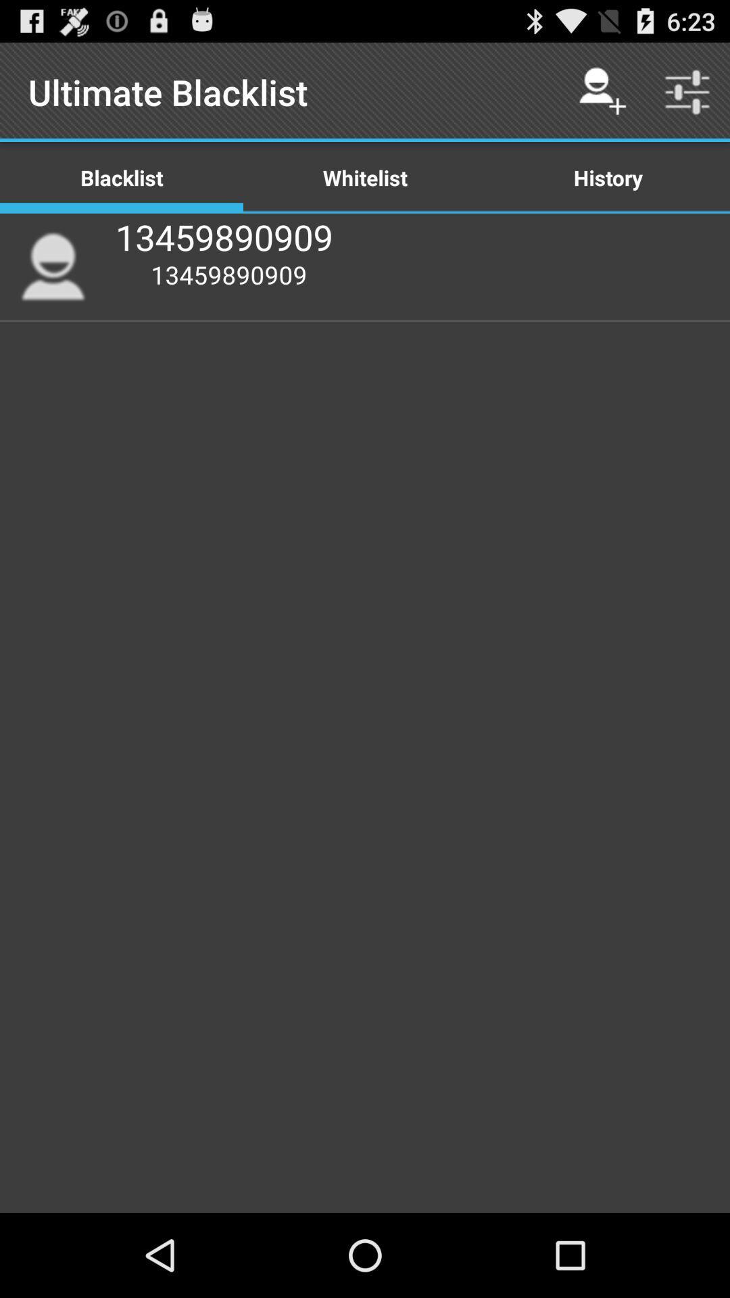 This screenshot has width=730, height=1298. What do you see at coordinates (602, 91) in the screenshot?
I see `icon above history icon` at bounding box center [602, 91].